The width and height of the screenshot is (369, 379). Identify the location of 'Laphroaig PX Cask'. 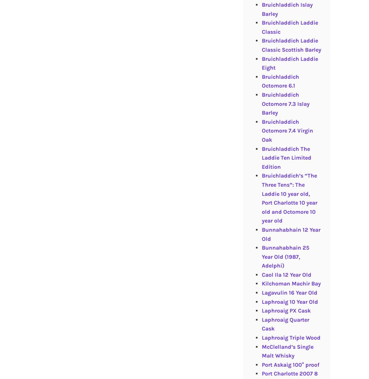
(261, 310).